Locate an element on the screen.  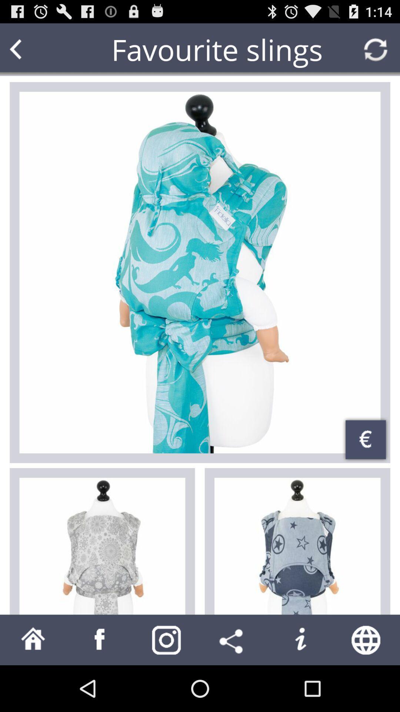
the home icon is located at coordinates (33, 685).